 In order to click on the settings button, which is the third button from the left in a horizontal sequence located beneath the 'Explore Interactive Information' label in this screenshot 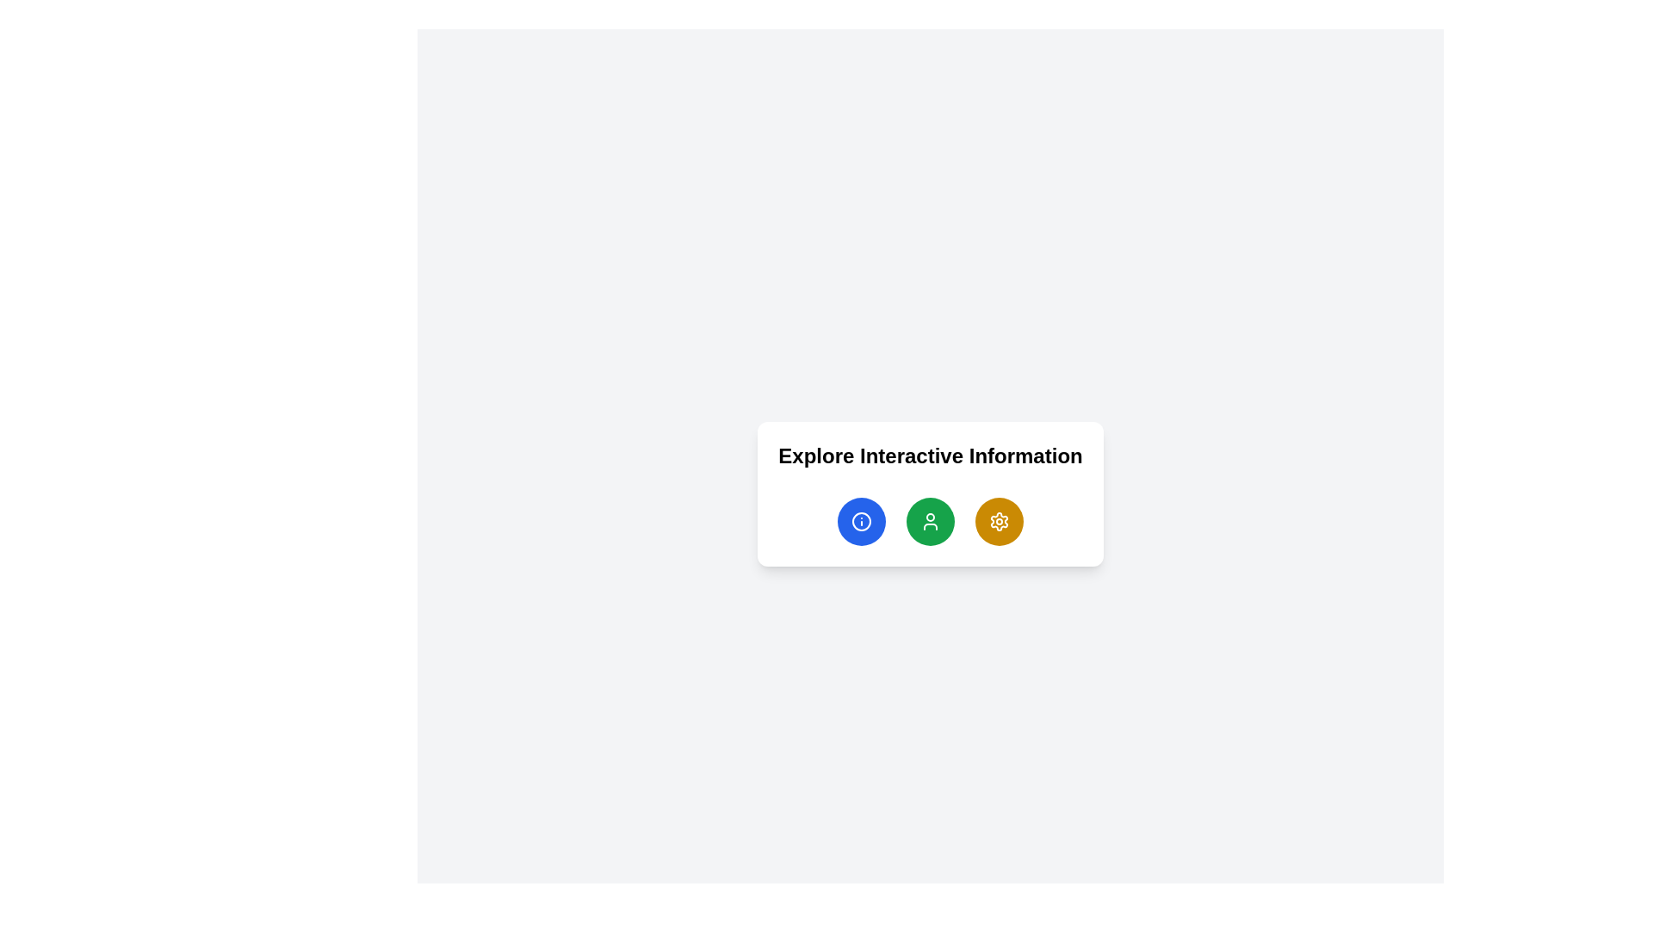, I will do `click(1000, 520)`.